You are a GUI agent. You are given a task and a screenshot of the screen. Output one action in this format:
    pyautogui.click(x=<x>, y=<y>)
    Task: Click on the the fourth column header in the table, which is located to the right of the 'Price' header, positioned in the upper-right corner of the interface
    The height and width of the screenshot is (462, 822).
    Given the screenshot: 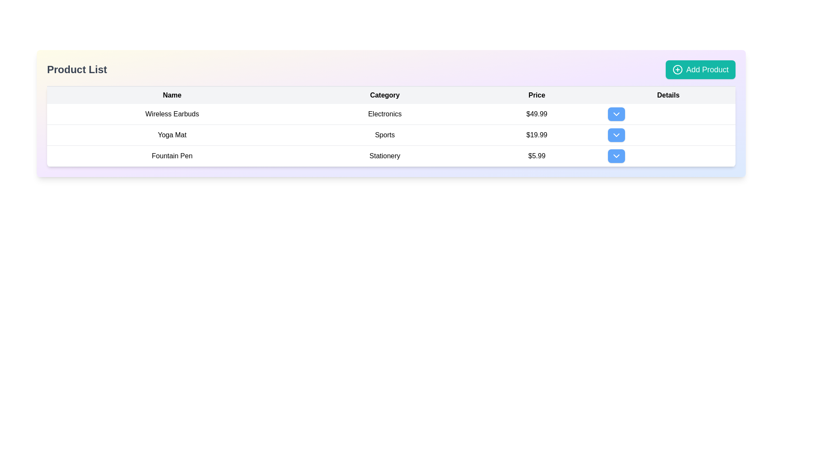 What is the action you would take?
    pyautogui.click(x=668, y=95)
    